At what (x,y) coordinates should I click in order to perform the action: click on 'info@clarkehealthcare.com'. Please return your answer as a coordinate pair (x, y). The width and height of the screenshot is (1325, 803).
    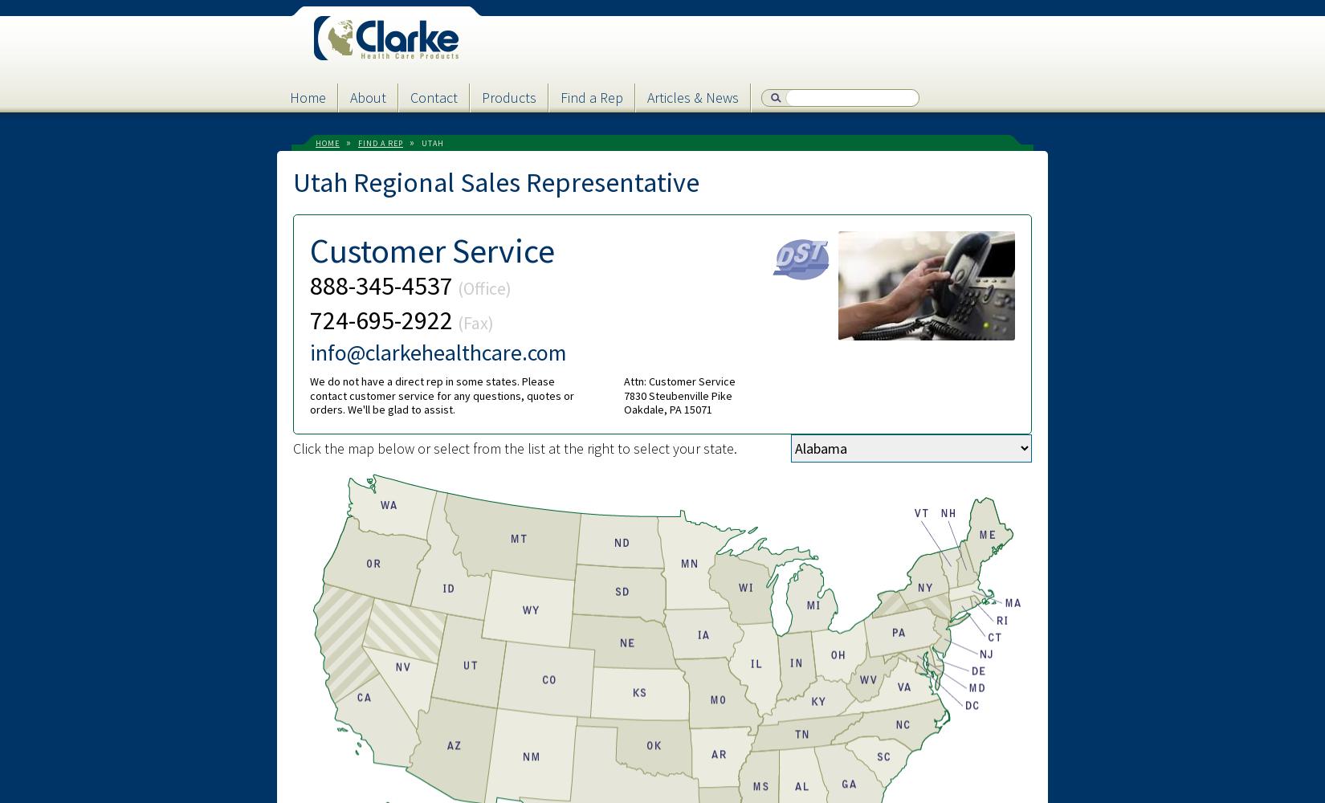
    Looking at the image, I should click on (309, 352).